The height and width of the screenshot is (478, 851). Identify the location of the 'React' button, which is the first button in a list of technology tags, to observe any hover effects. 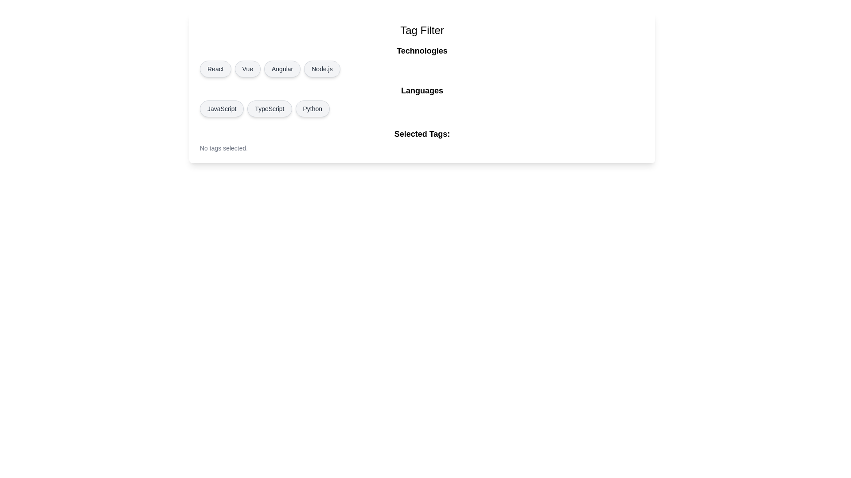
(215, 68).